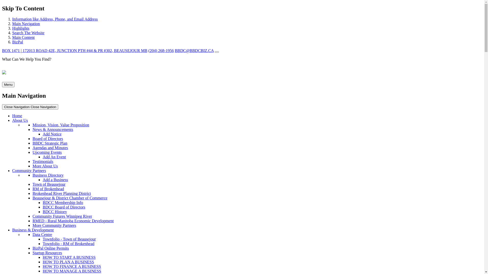  Describe the element at coordinates (64, 207) in the screenshot. I see `'BDCC Board of Directors'` at that location.